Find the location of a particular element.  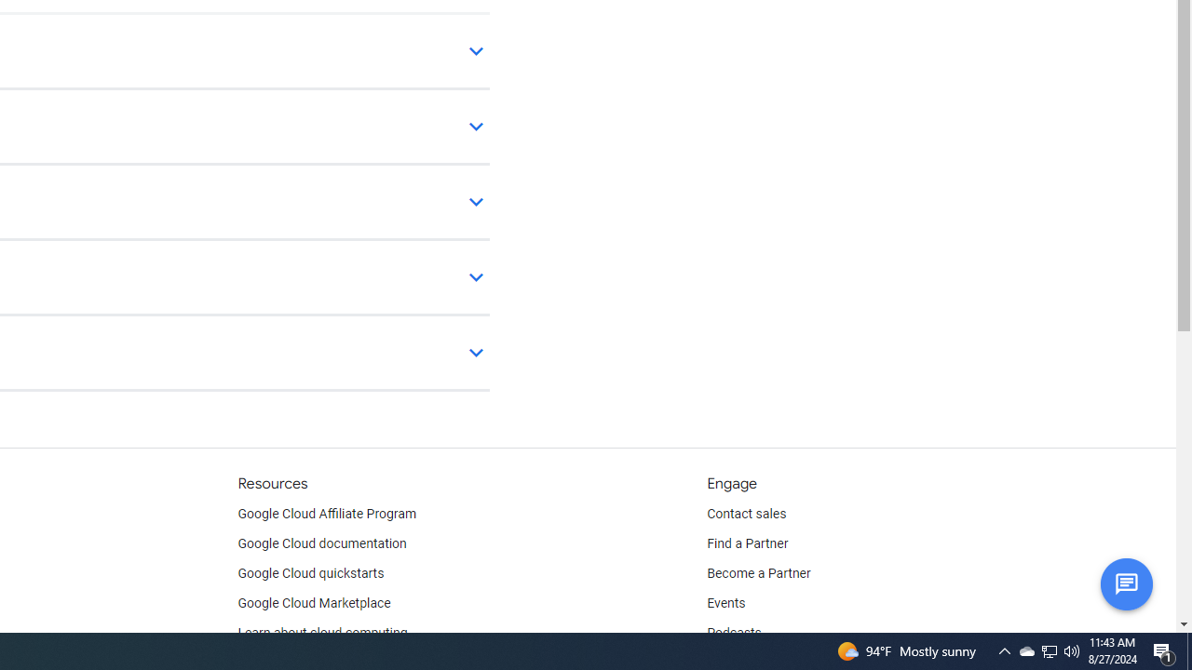

'Contact sales' is located at coordinates (746, 514).